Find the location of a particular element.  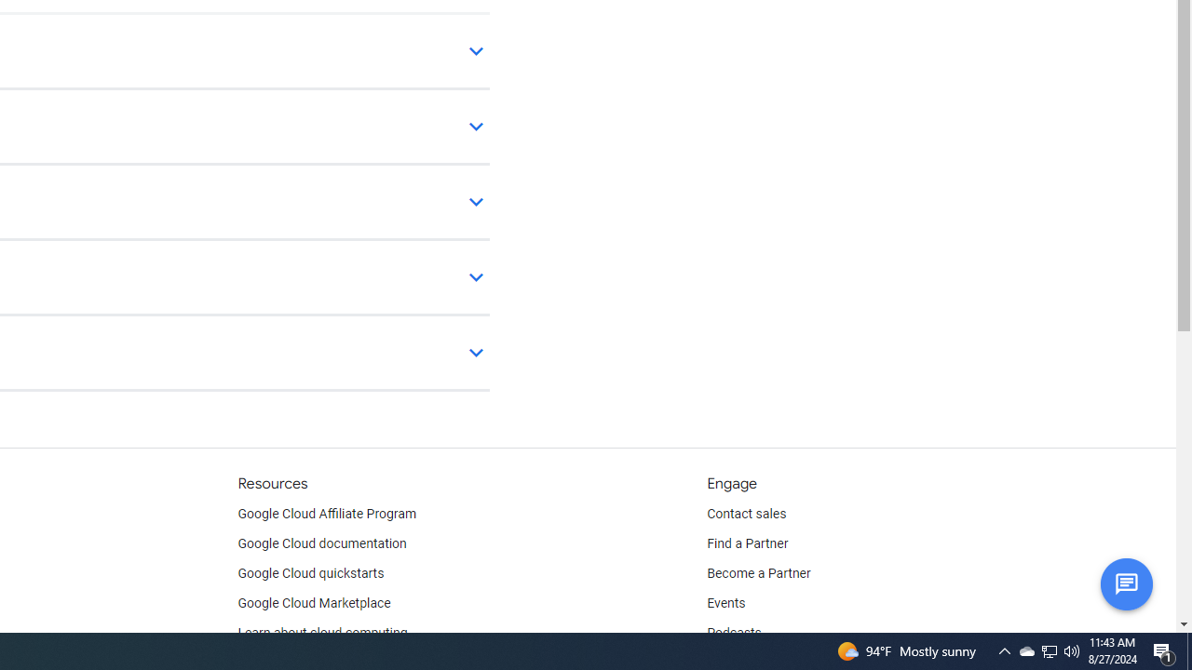

'Contact sales' is located at coordinates (746, 514).